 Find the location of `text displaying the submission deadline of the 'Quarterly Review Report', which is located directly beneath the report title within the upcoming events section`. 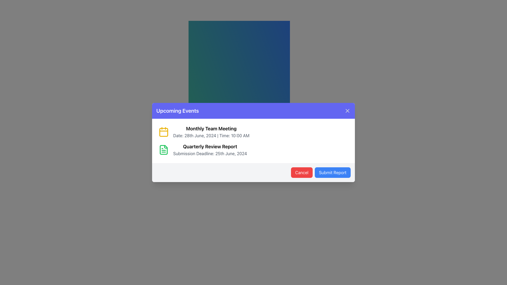

text displaying the submission deadline of the 'Quarterly Review Report', which is located directly beneath the report title within the upcoming events section is located at coordinates (210, 154).